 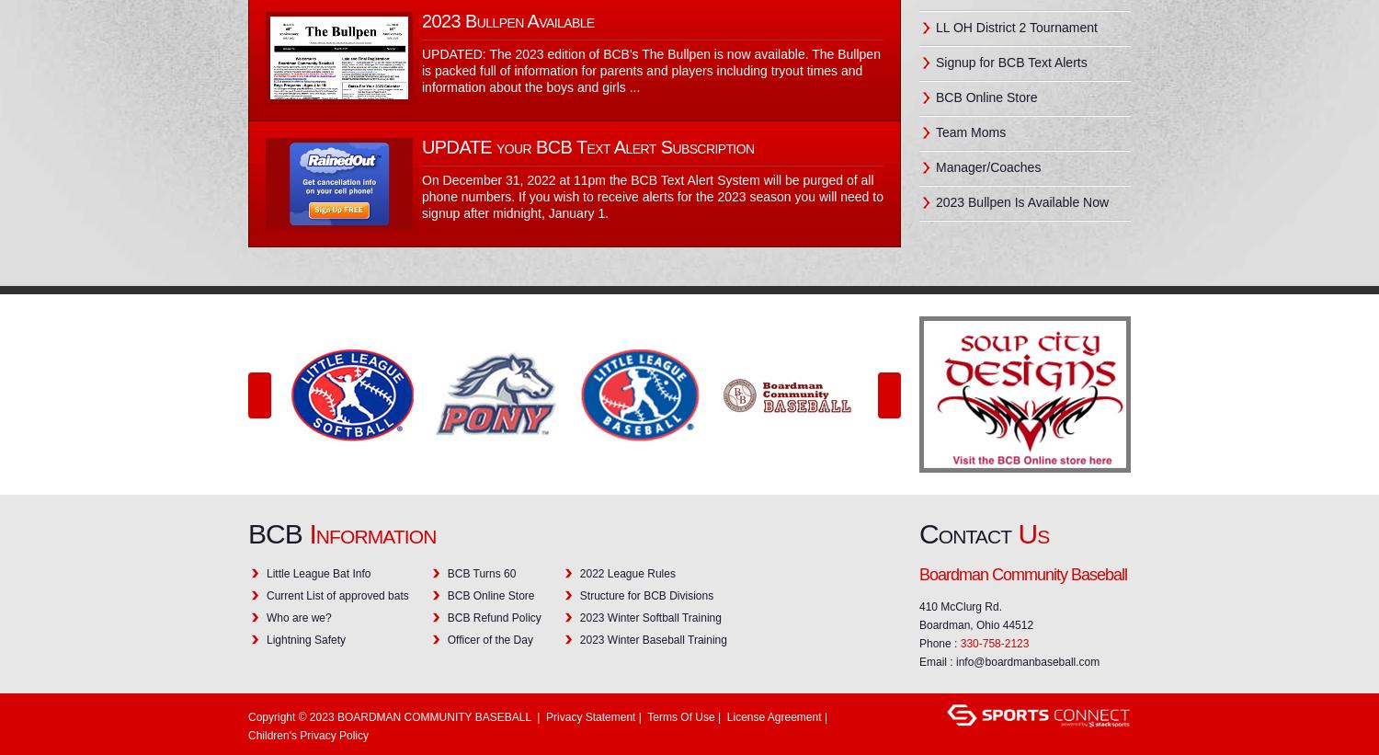 I want to click on 'BCB', so click(x=279, y=532).